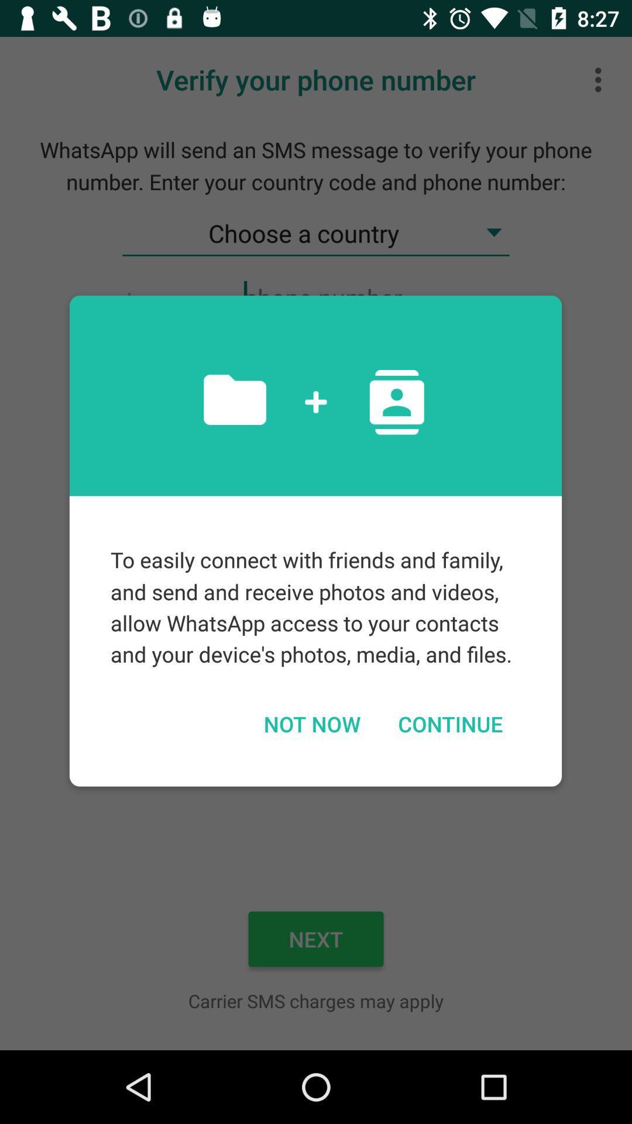 The width and height of the screenshot is (632, 1124). What do you see at coordinates (311, 723) in the screenshot?
I see `item next to continue item` at bounding box center [311, 723].